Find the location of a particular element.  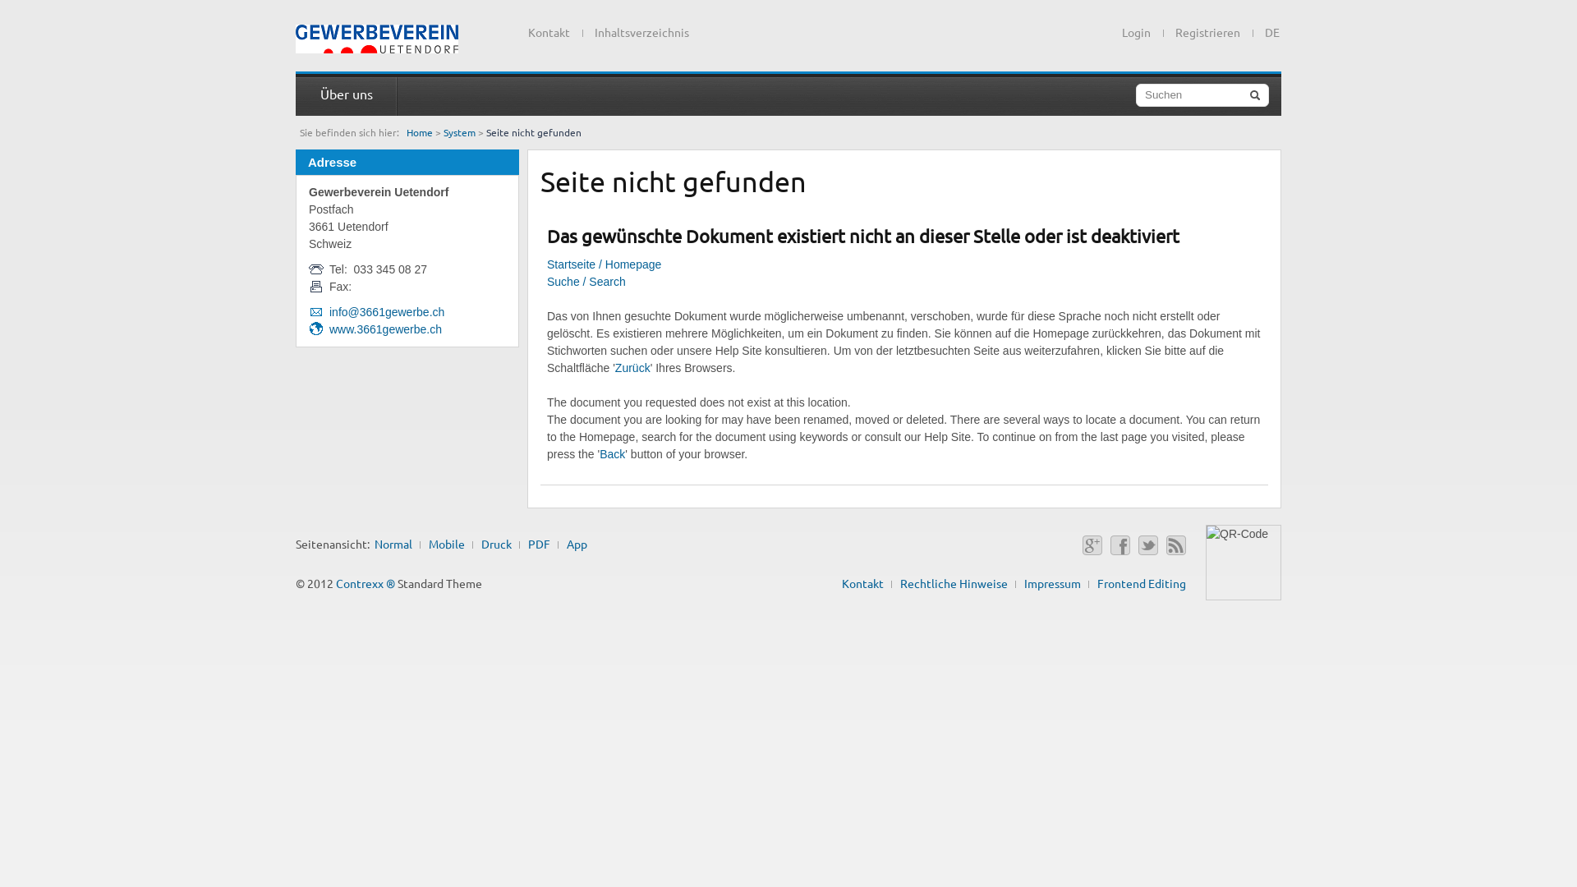

'Login' is located at coordinates (1135, 31).